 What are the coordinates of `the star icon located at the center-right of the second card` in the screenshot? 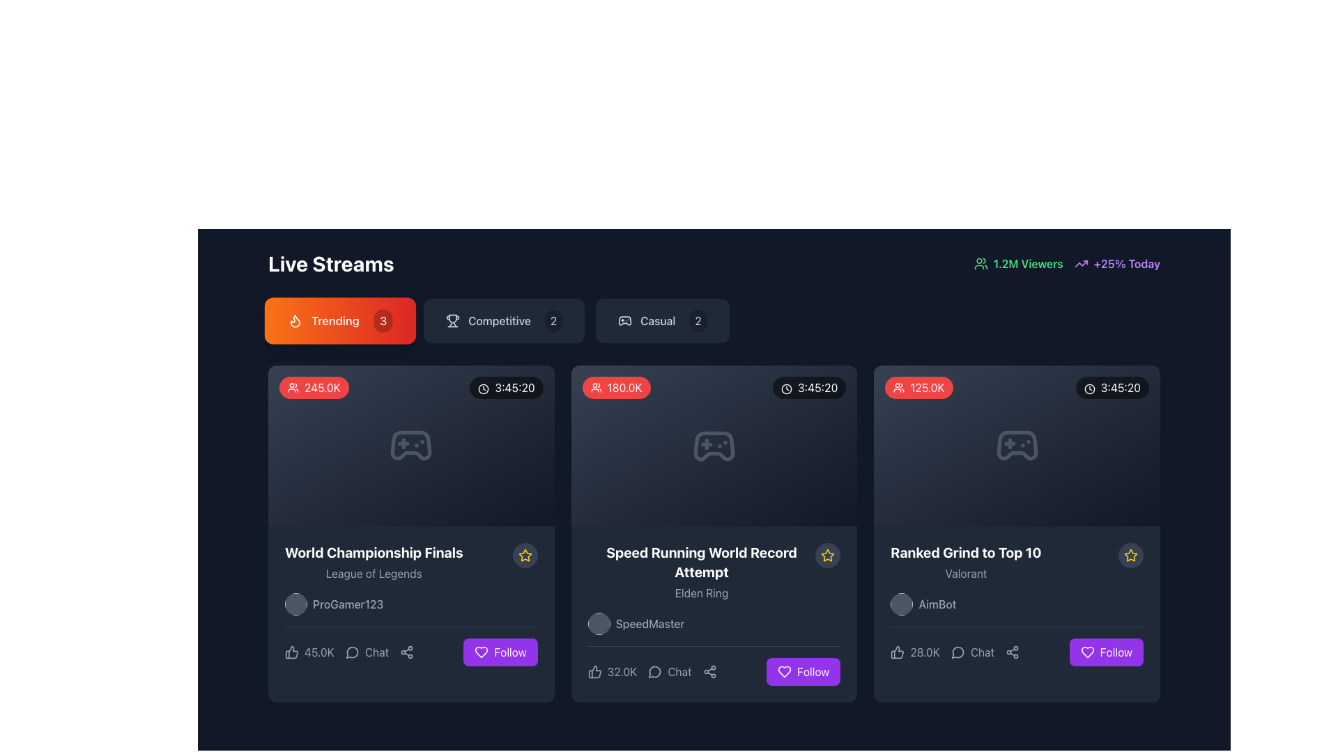 It's located at (828, 555).